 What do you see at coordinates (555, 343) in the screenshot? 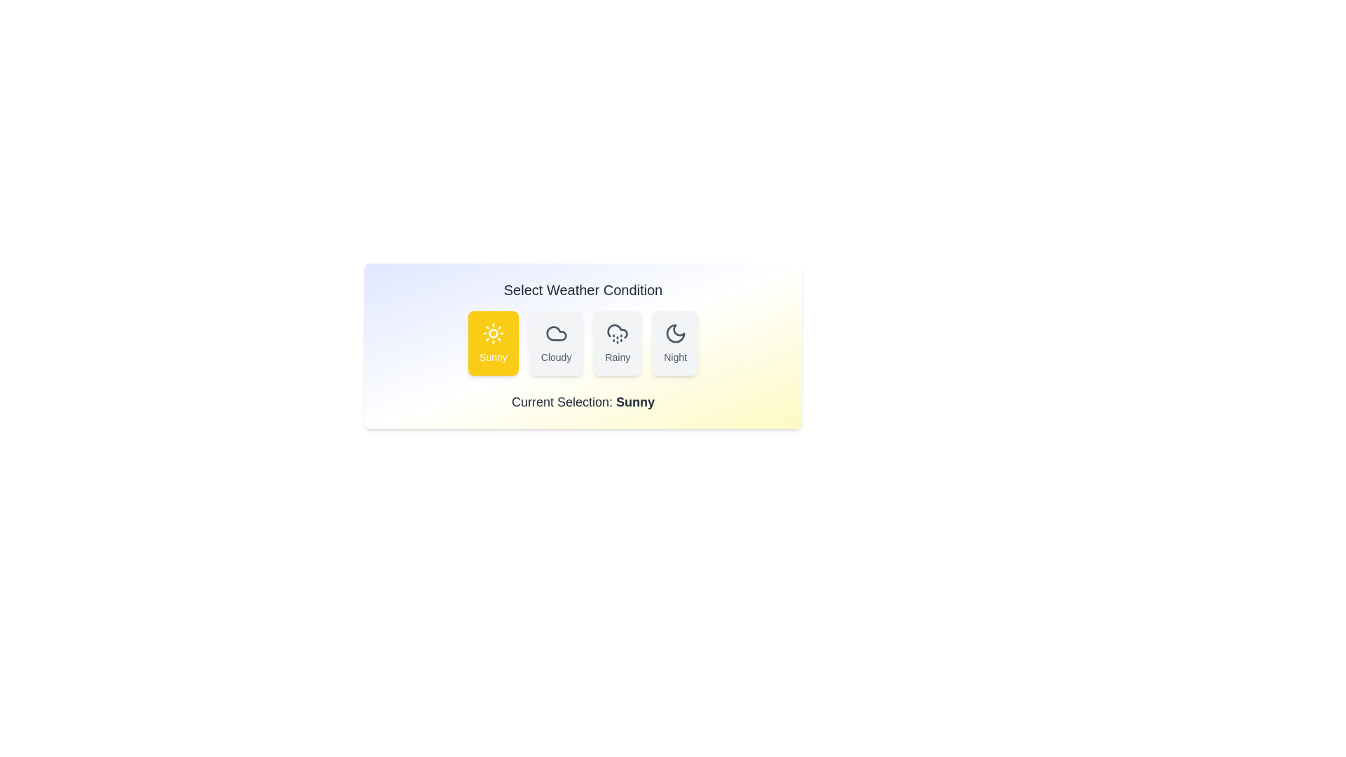
I see `the weather condition by clicking on the corresponding button labeled Cloudy` at bounding box center [555, 343].